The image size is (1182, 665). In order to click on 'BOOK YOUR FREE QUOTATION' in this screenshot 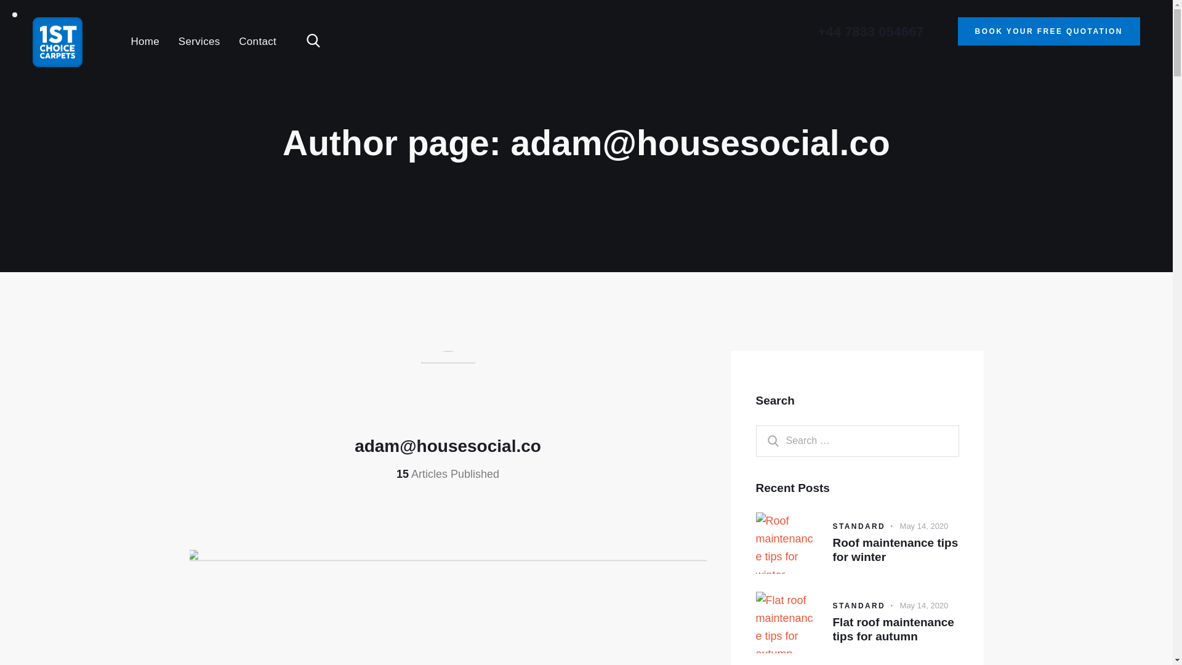, I will do `click(1048, 30)`.